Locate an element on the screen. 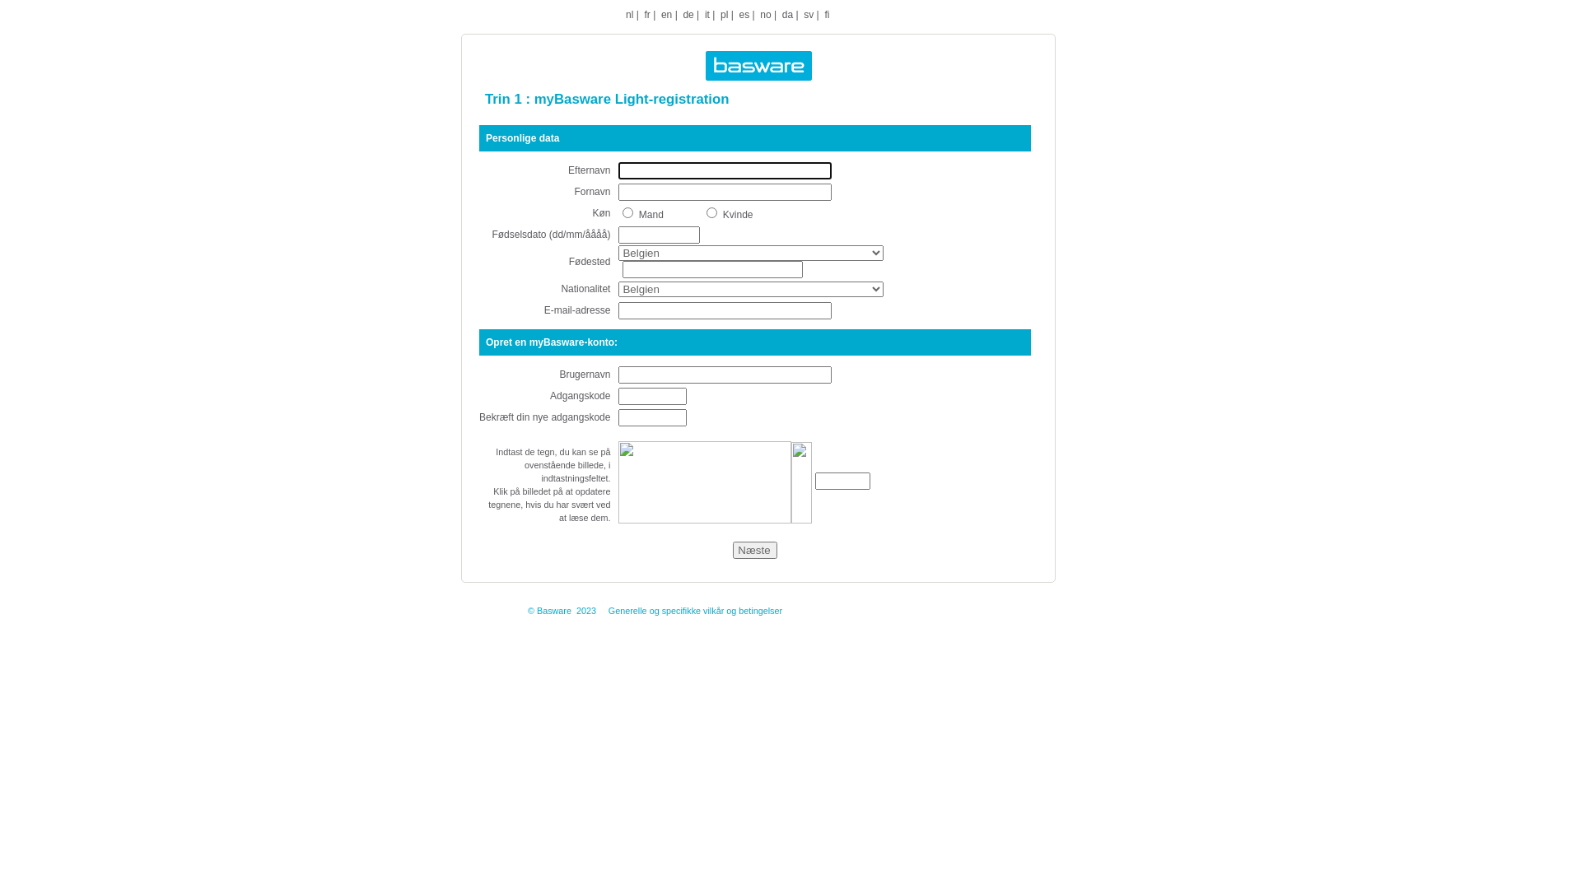 The image size is (1581, 889). 'en' is located at coordinates (666, 15).